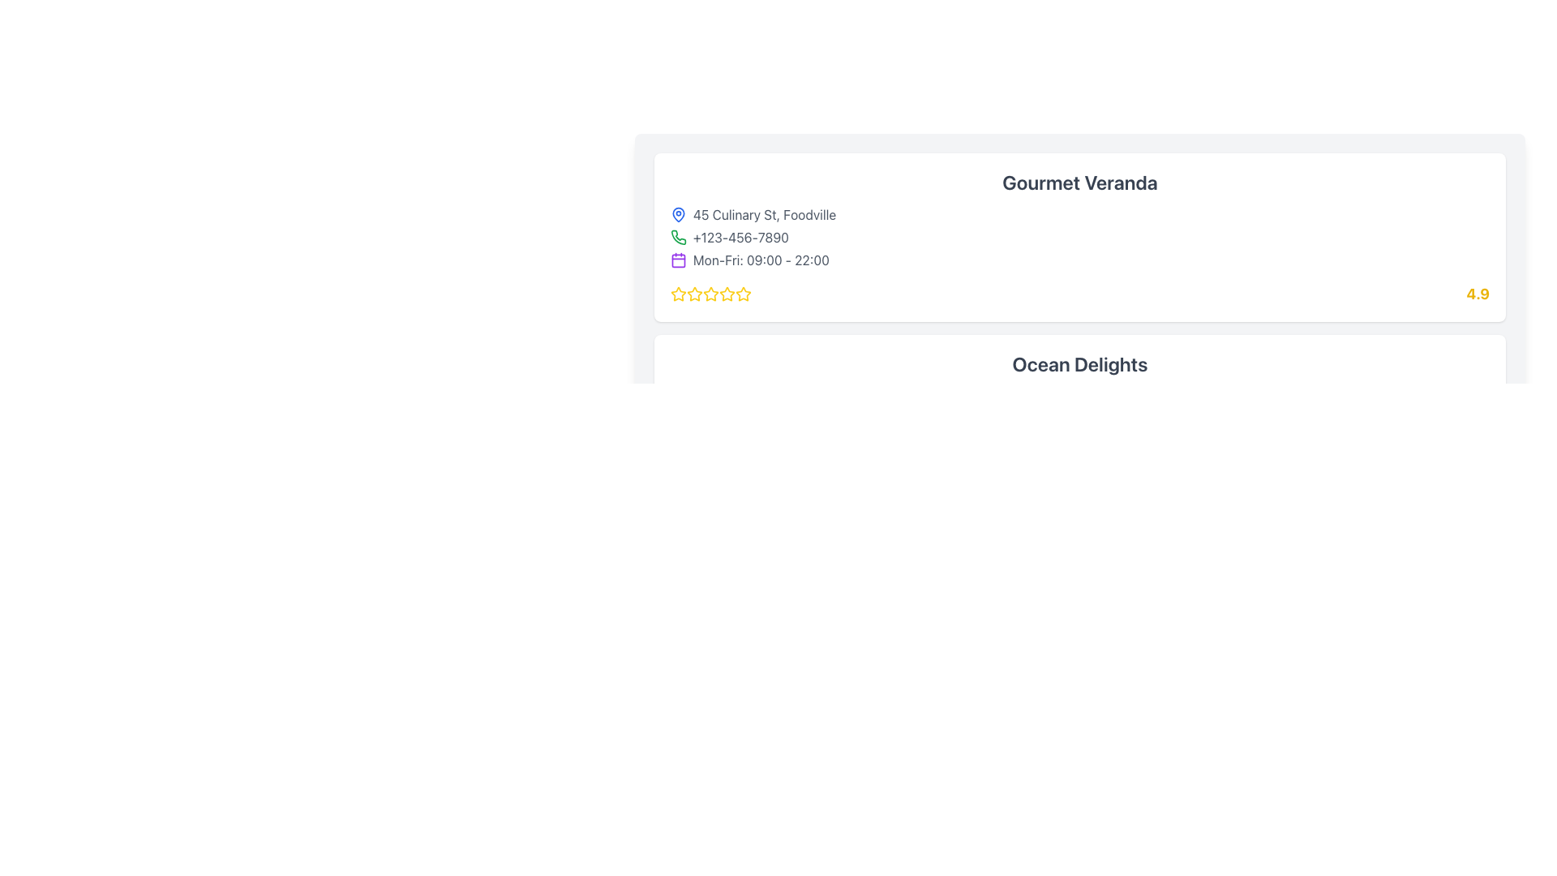 Image resolution: width=1557 pixels, height=876 pixels. What do you see at coordinates (711, 294) in the screenshot?
I see `the visual state of the third star-shaped rating icon, which is styled with a yellow fill and located in the 'Rating' section of the business card for 'Gourmet Veranda'` at bounding box center [711, 294].